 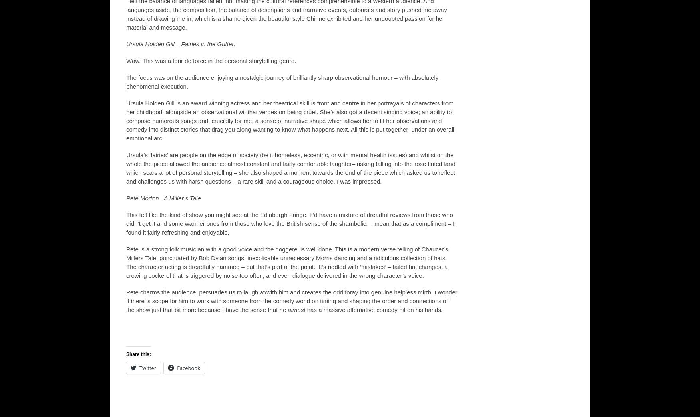 I want to click on 'almost', so click(x=296, y=310).